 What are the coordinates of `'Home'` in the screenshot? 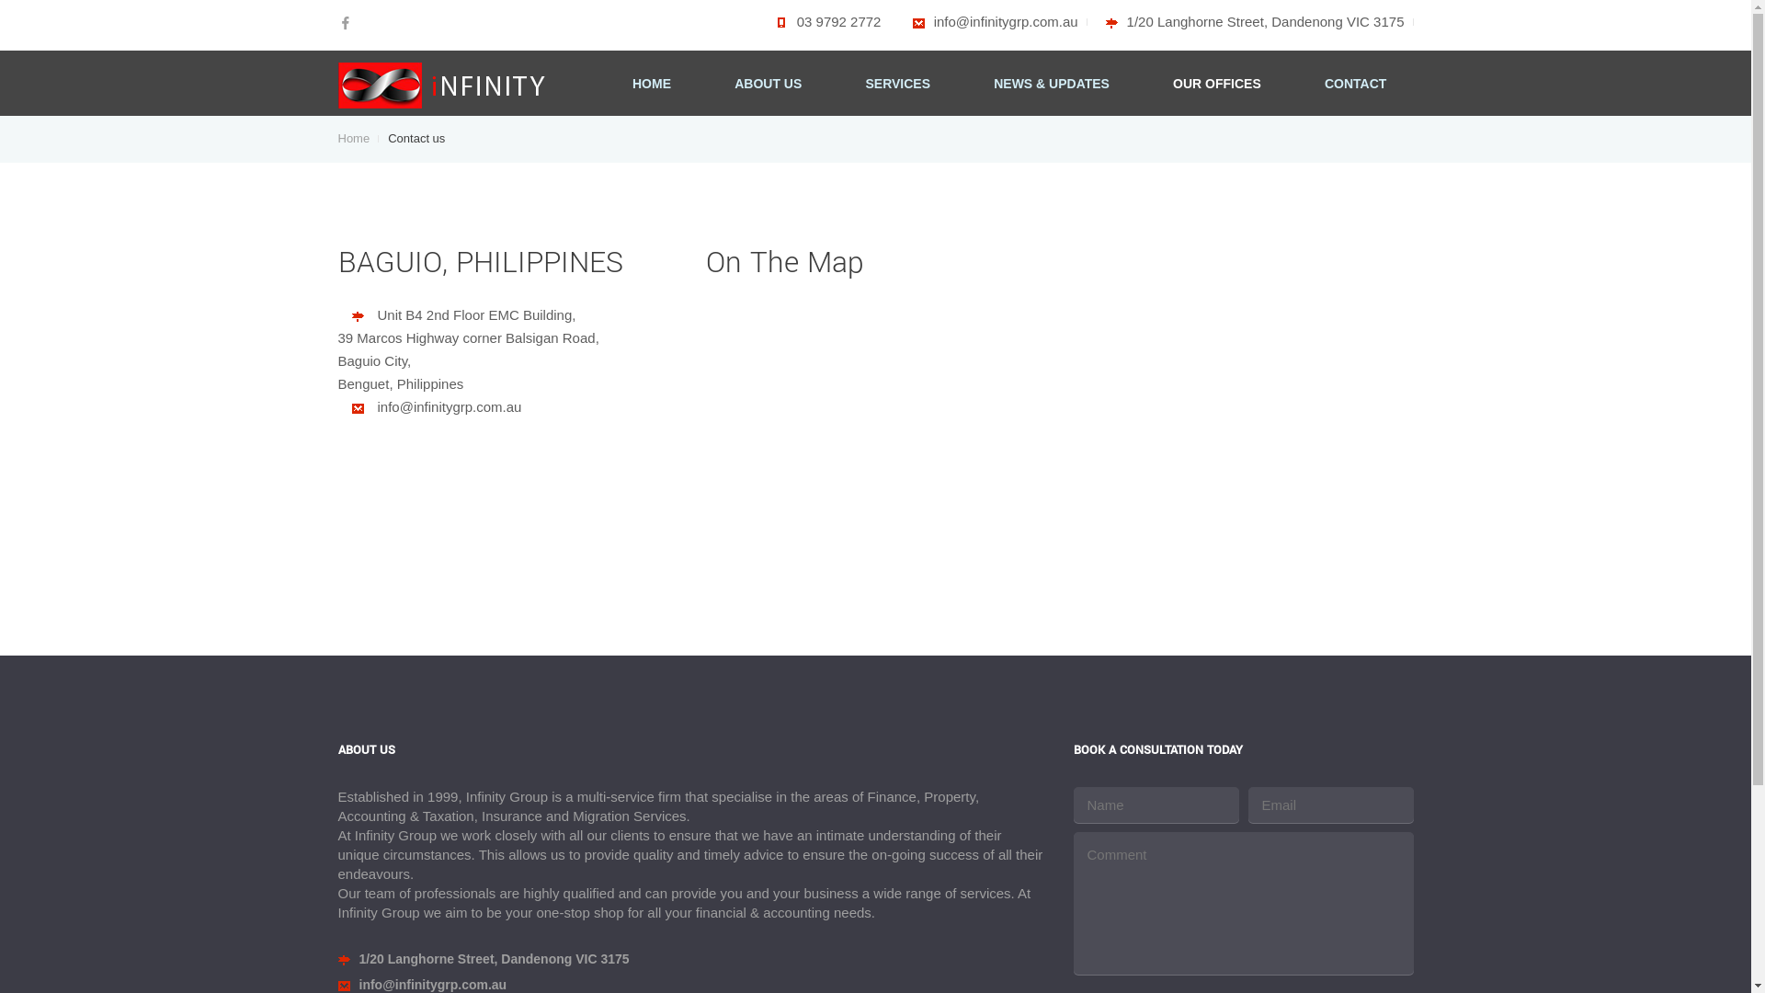 It's located at (359, 137).